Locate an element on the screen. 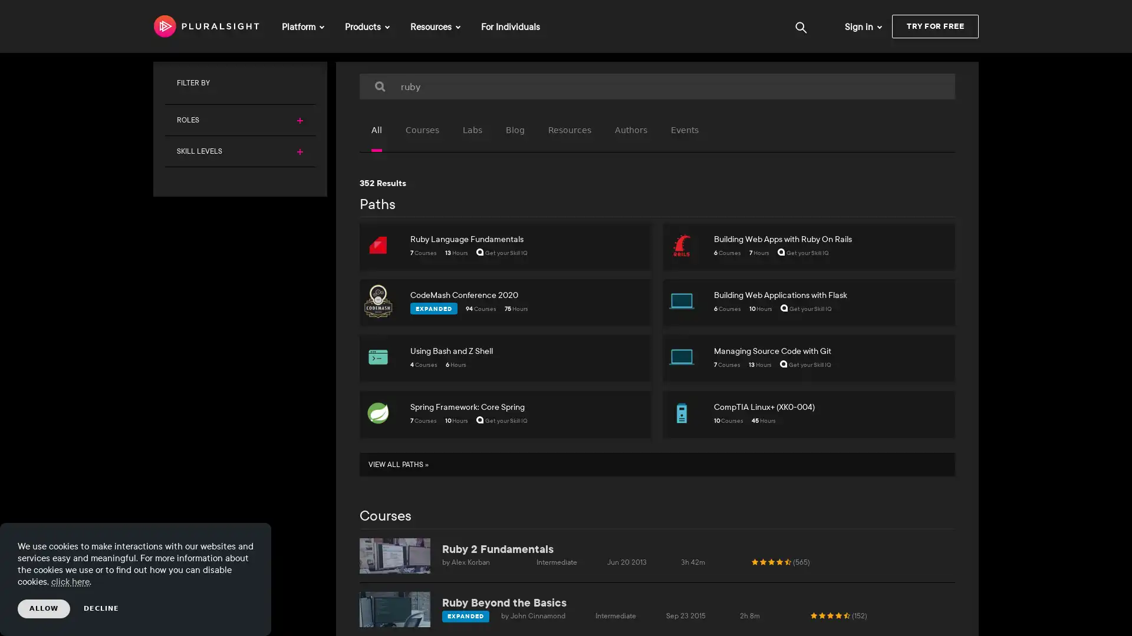 This screenshot has height=636, width=1132. DECLINE is located at coordinates (101, 608).